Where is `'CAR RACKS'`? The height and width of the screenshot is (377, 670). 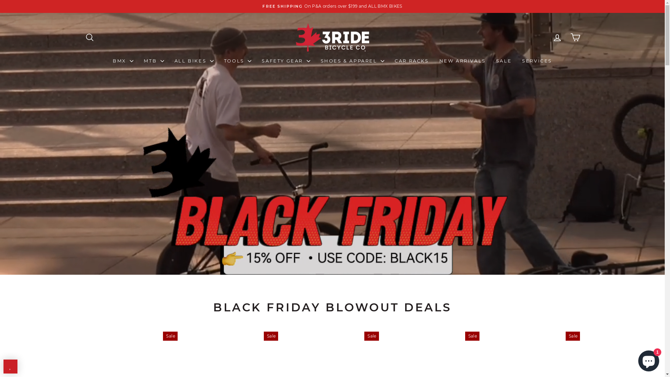
'CAR RACKS' is located at coordinates (411, 60).